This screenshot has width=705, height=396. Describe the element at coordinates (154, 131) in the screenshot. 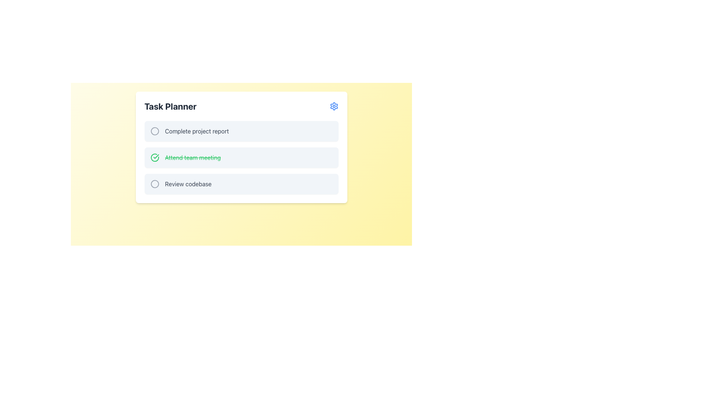

I see `the circular status icon located to the left of the 'Complete project report' text to interact or toggle its state` at that location.